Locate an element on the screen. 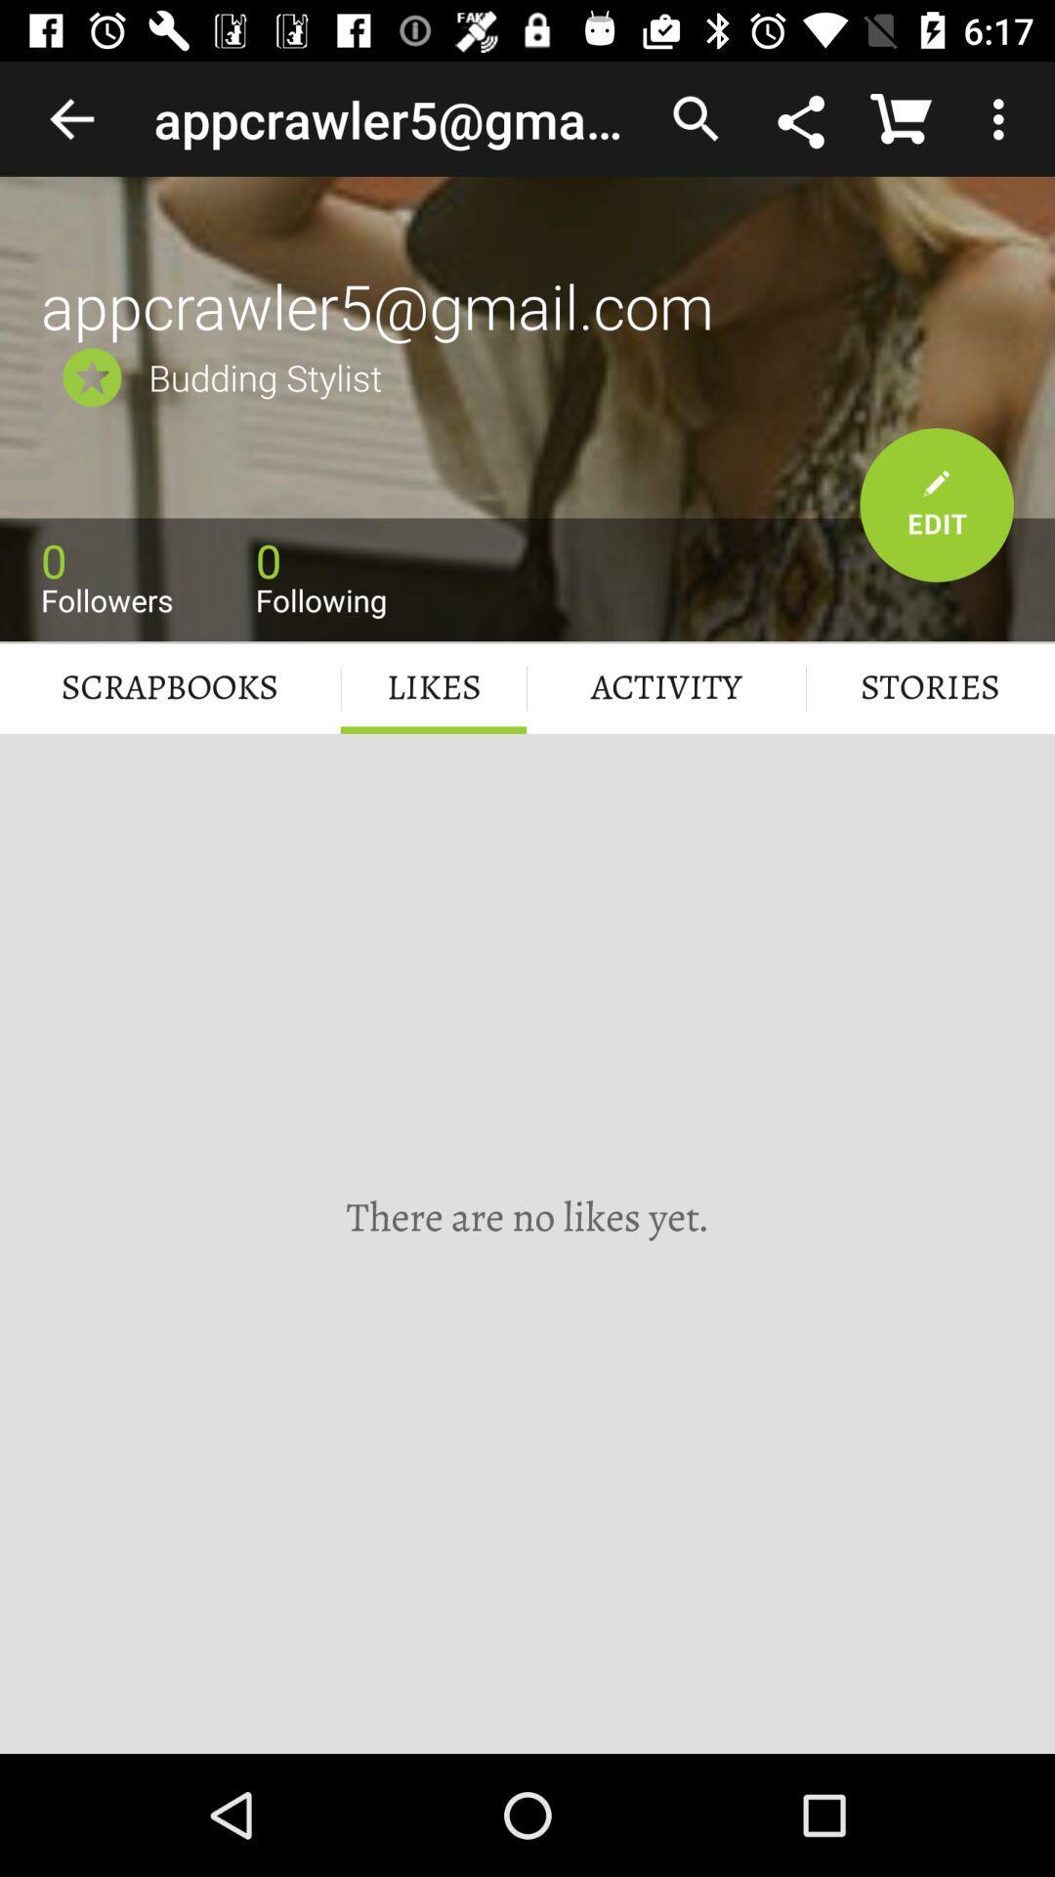 Image resolution: width=1055 pixels, height=1877 pixels. share is located at coordinates (803, 117).